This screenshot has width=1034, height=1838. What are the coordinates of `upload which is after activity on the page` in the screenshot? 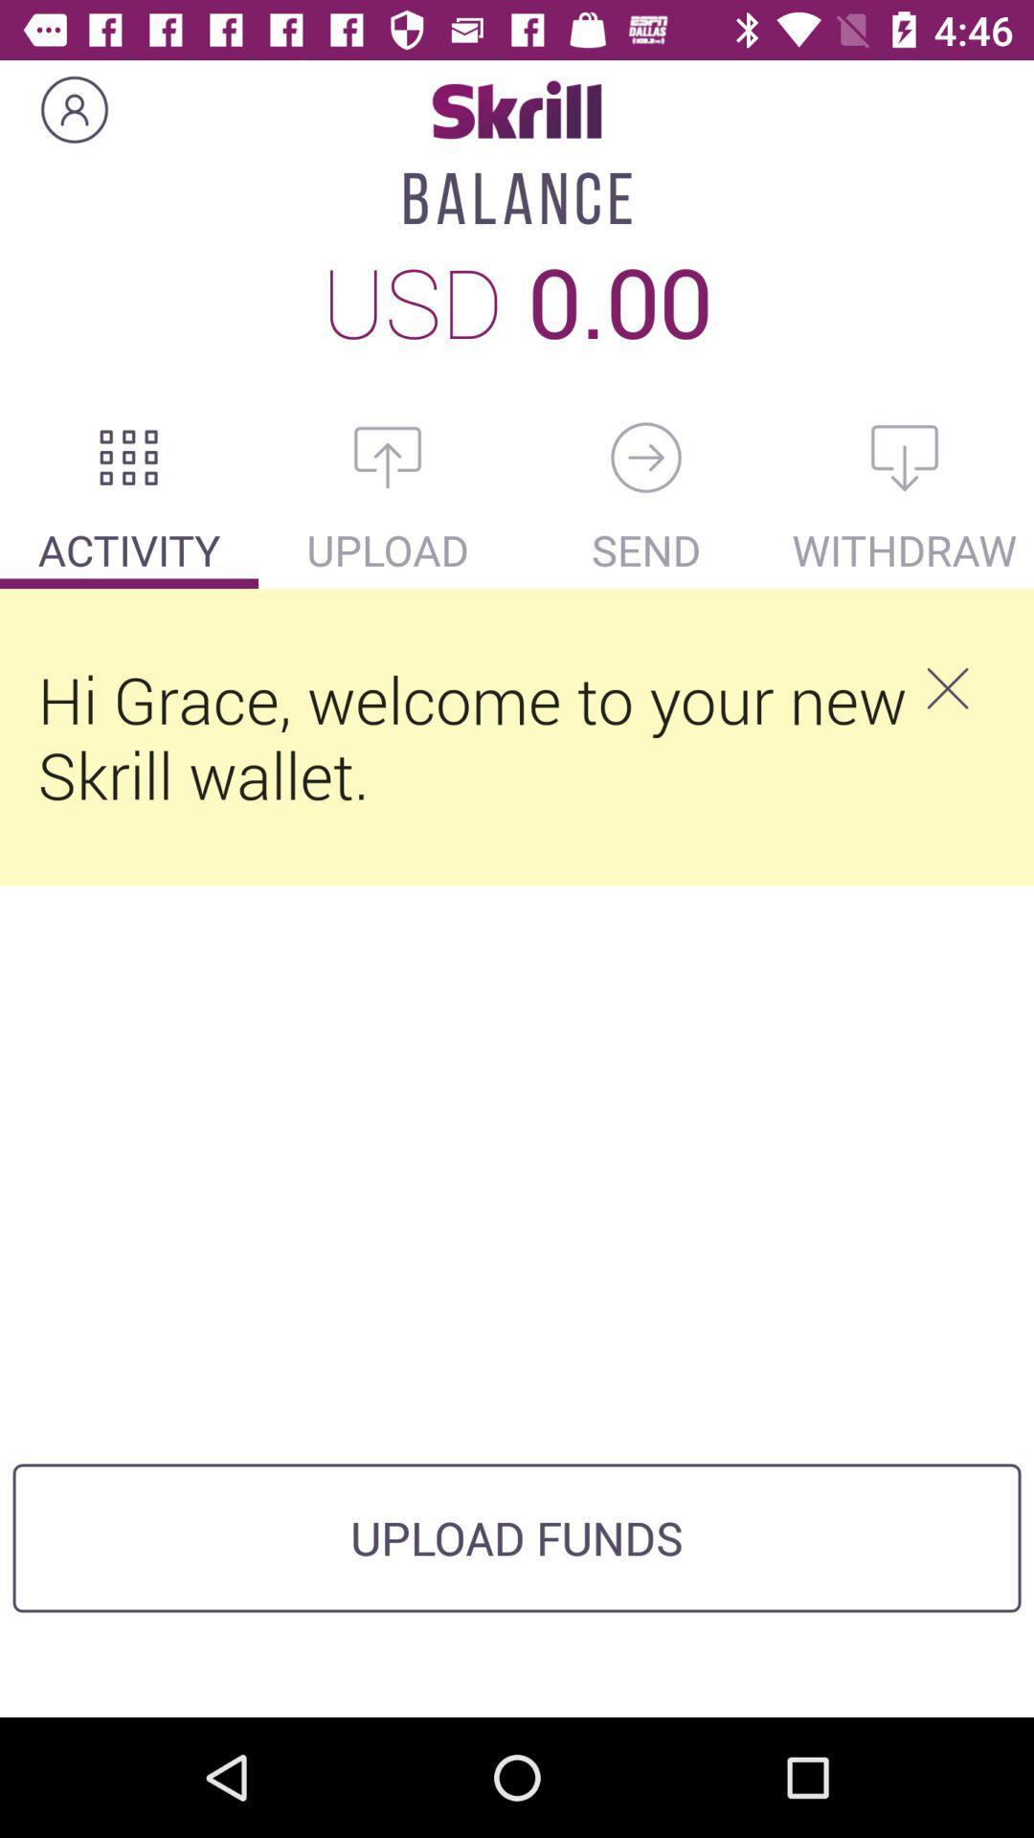 It's located at (388, 549).